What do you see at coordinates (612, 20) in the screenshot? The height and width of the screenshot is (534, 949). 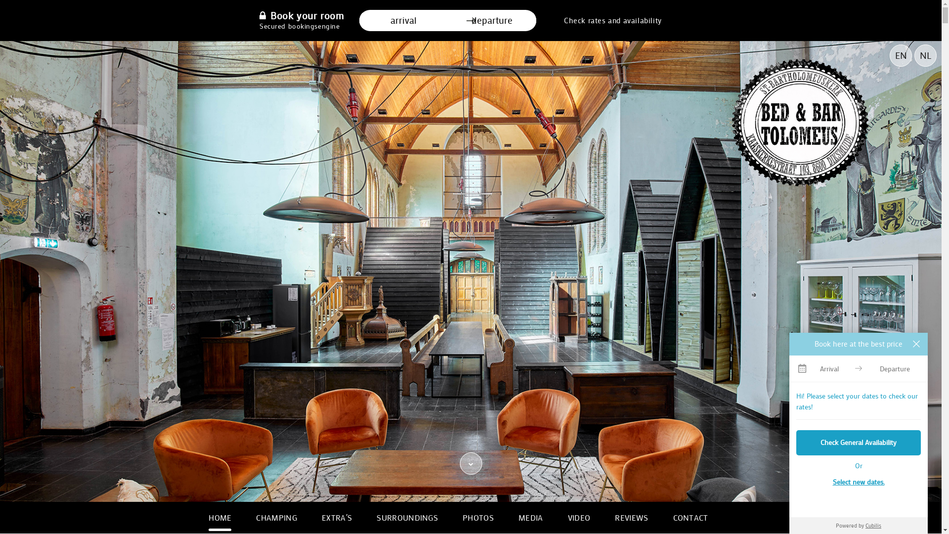 I see `'Check rates and availability'` at bounding box center [612, 20].